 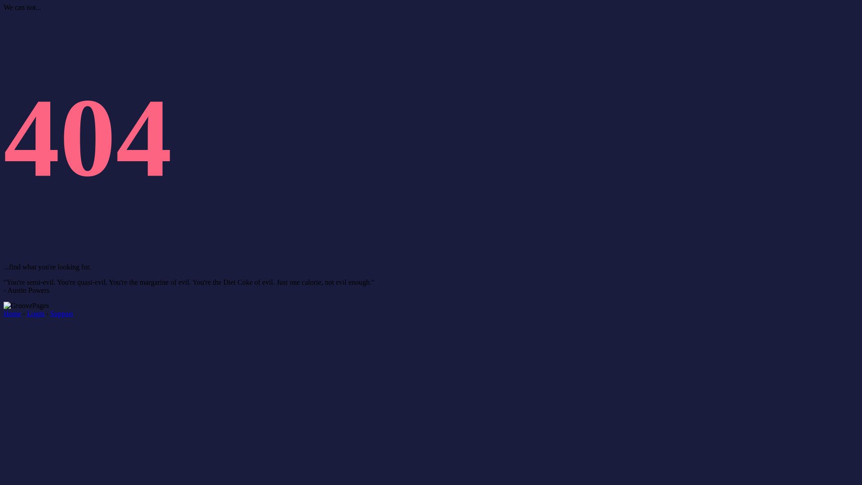 What do you see at coordinates (35, 313) in the screenshot?
I see `'Login'` at bounding box center [35, 313].